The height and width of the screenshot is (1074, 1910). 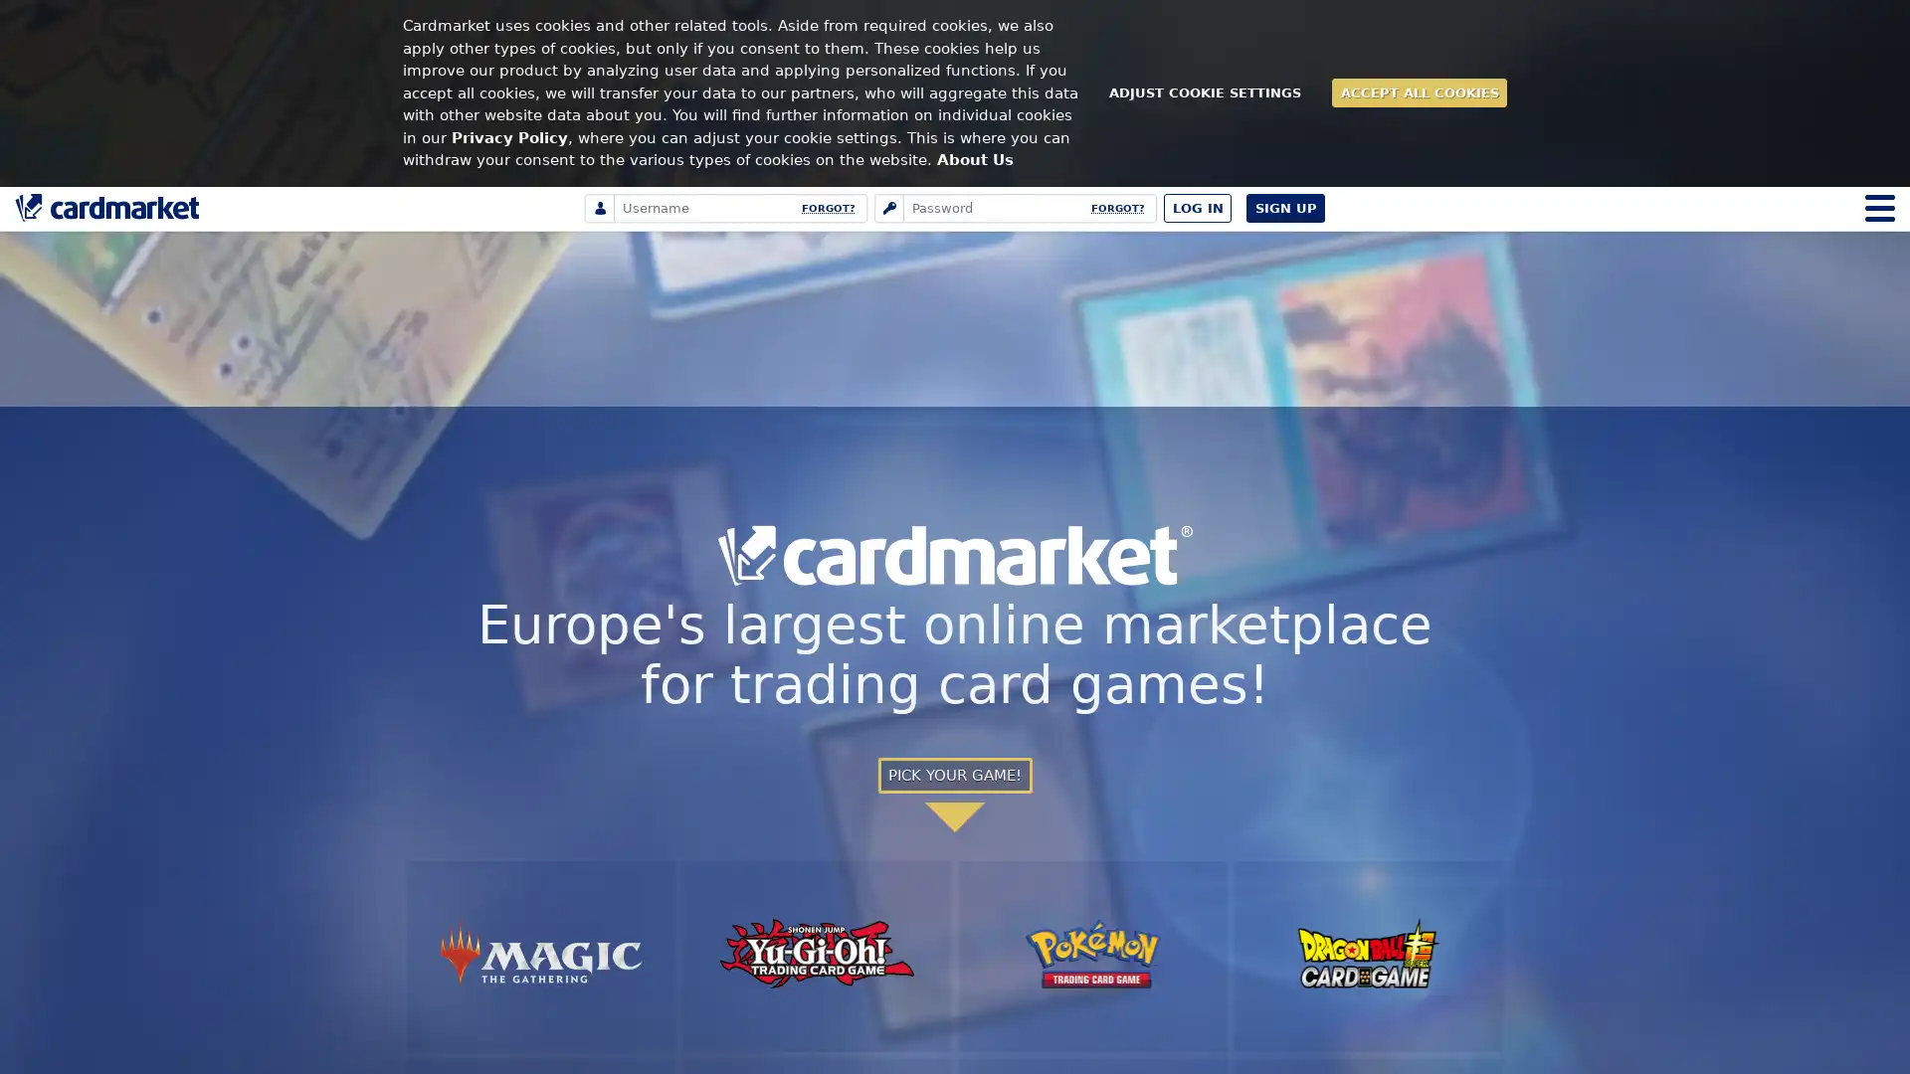 I want to click on Toggle navigation, so click(x=1879, y=207).